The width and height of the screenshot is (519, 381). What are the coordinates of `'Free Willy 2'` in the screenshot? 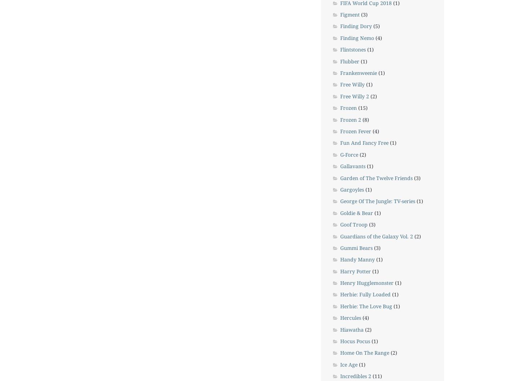 It's located at (354, 95).